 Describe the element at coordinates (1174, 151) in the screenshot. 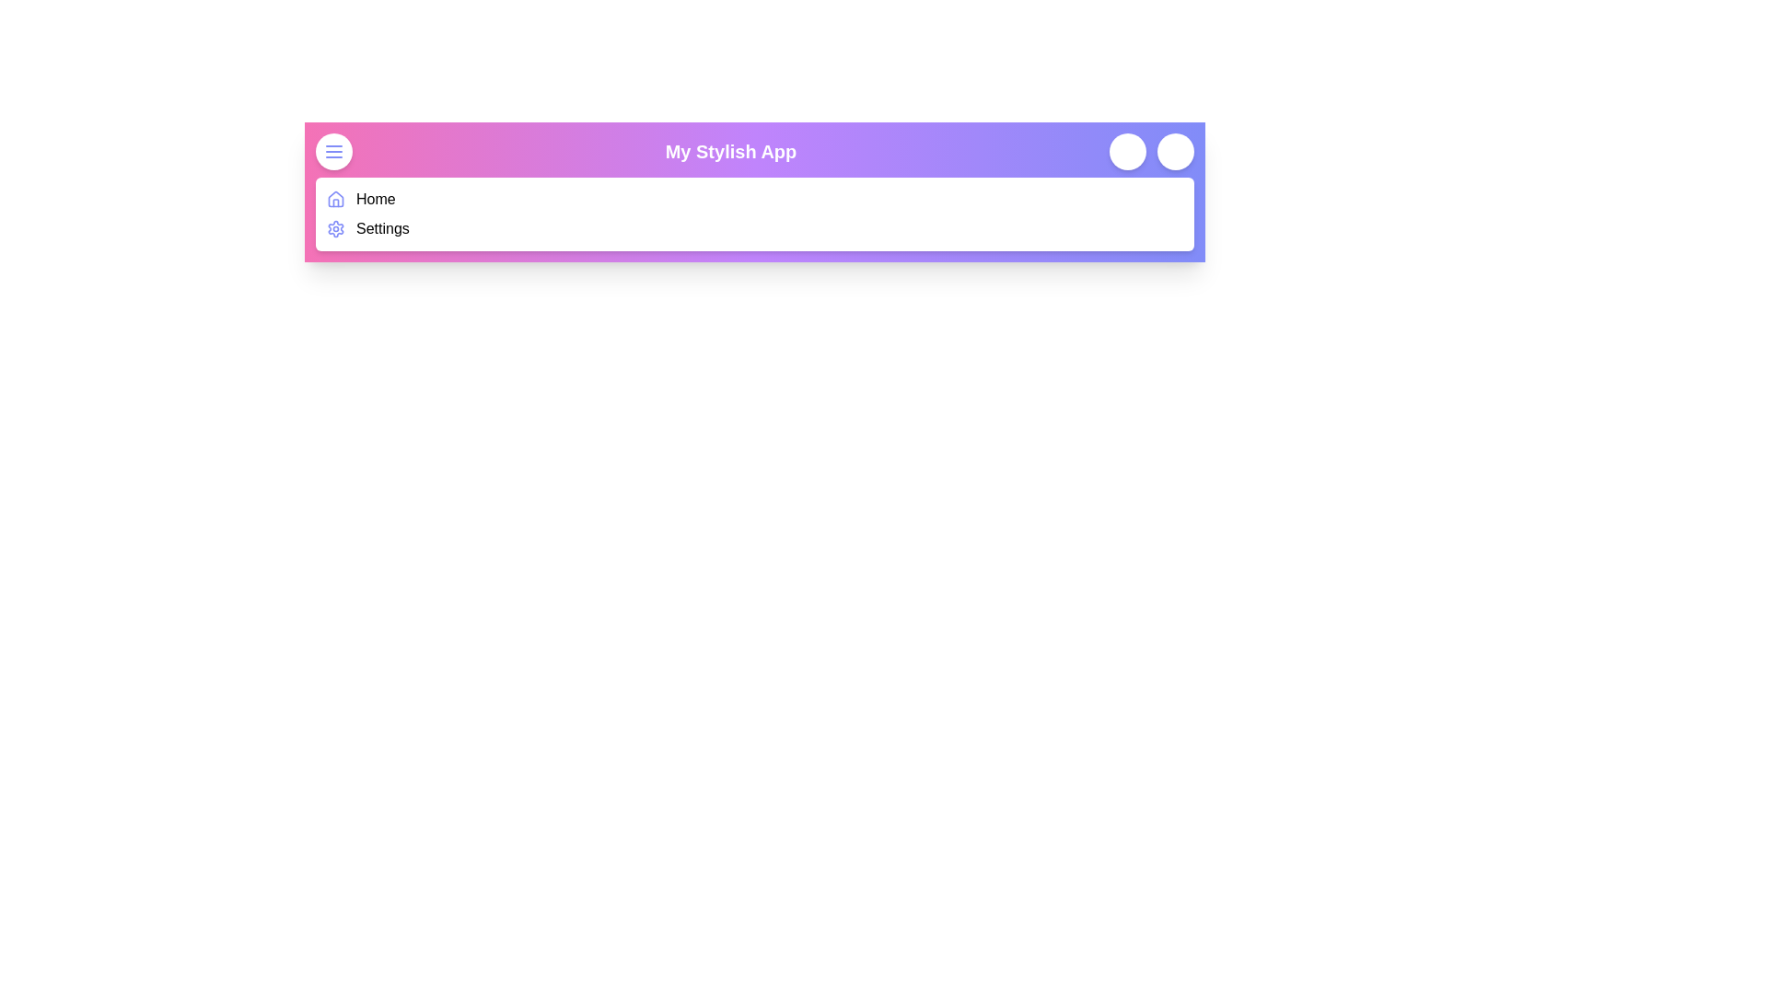

I see `the user profile button located on the navigation bar` at that location.